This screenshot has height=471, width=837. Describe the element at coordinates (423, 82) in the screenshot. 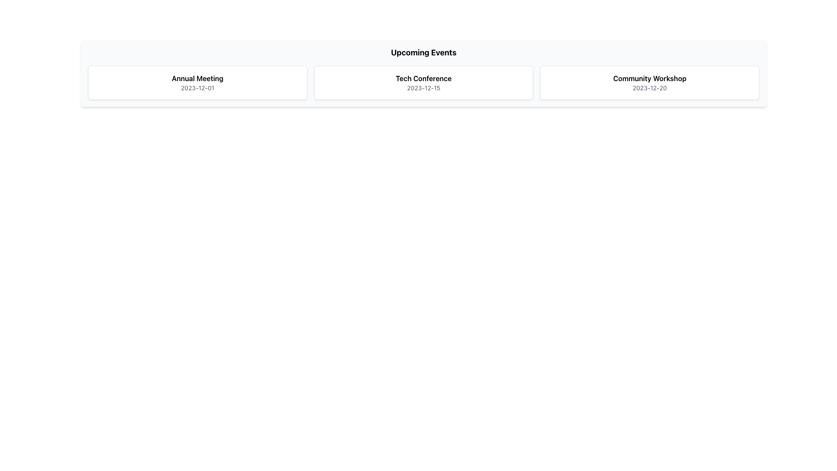

I see `the 'Tech Conference' card, which displays the event title and date, located in the middle of the three event cards under the 'Upcoming Events' heading` at that location.